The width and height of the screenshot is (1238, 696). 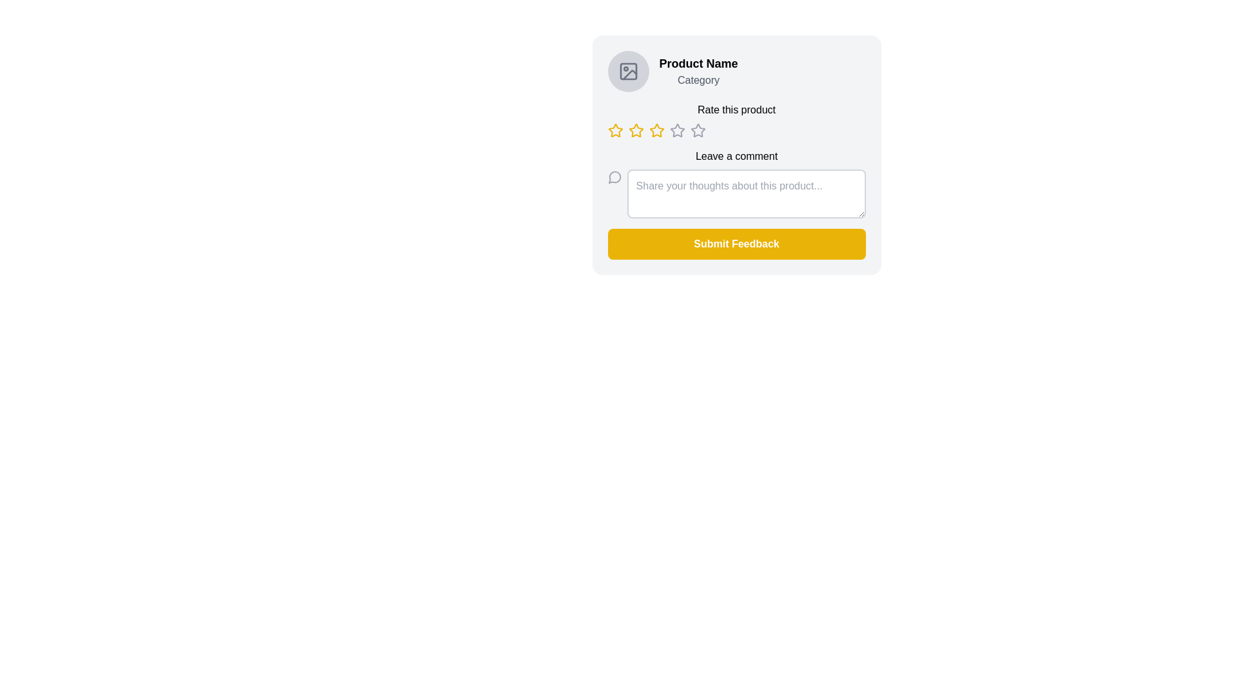 What do you see at coordinates (676, 130) in the screenshot?
I see `the fourth star icon in the horizontal row to provide a four-star rating for the product` at bounding box center [676, 130].